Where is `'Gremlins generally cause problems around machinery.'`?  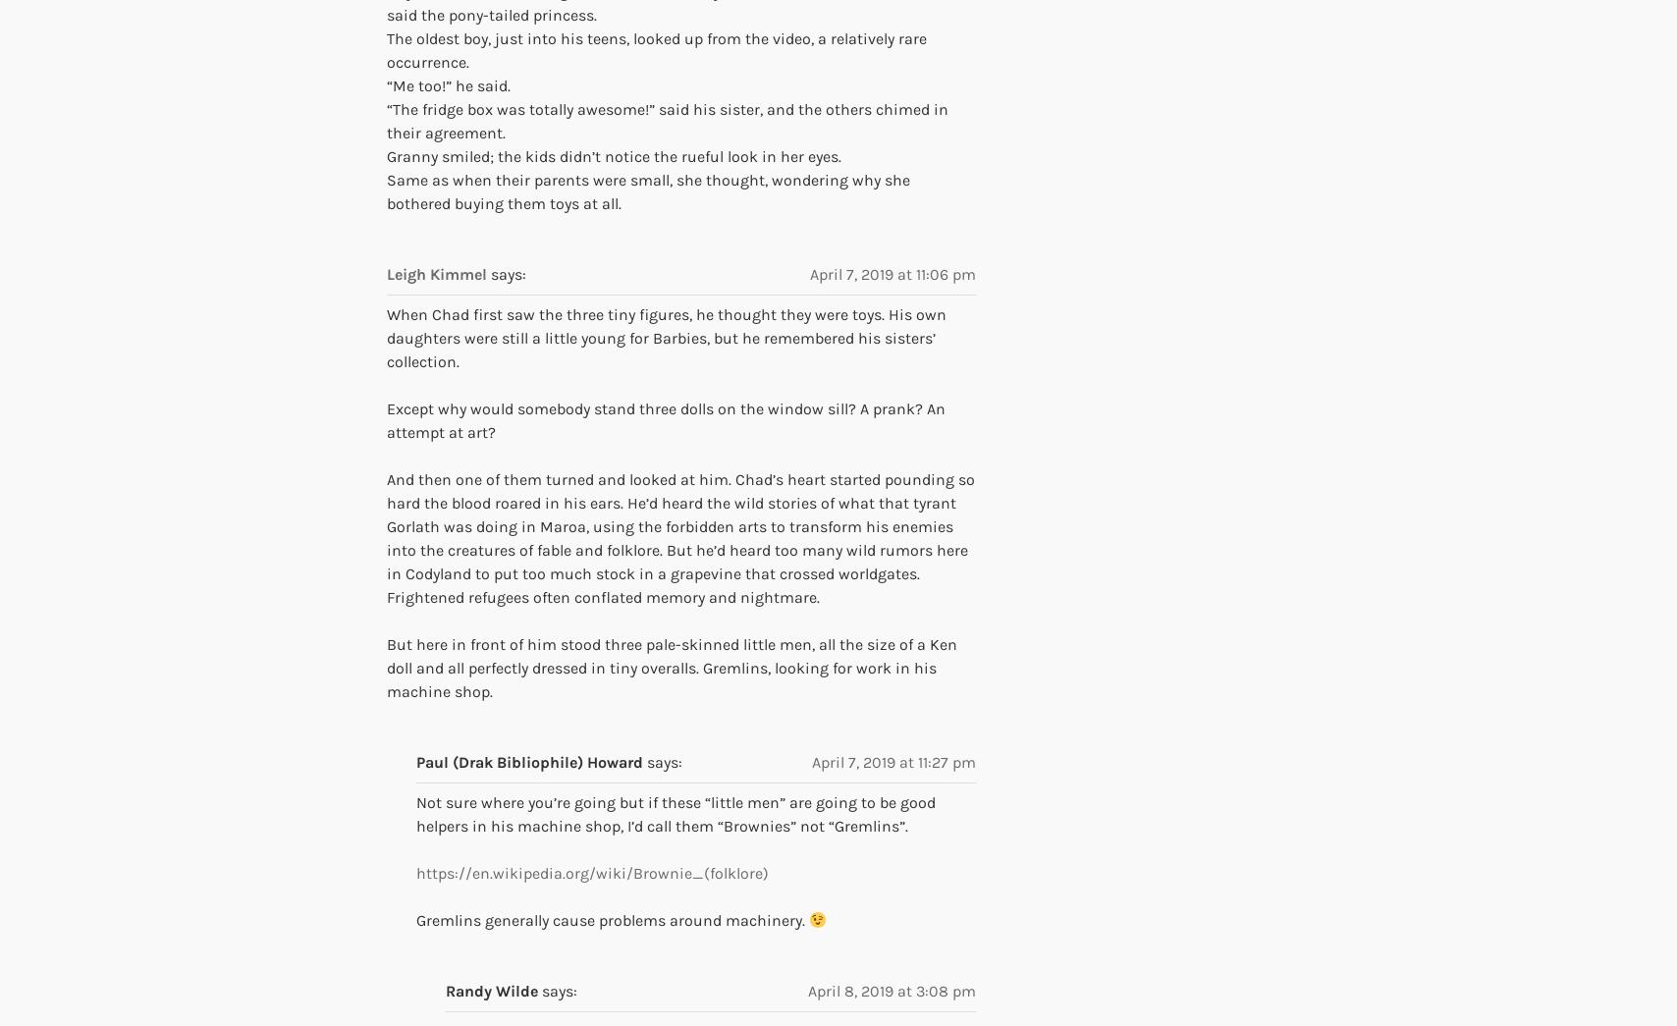 'Gremlins generally cause problems around machinery.' is located at coordinates (612, 919).